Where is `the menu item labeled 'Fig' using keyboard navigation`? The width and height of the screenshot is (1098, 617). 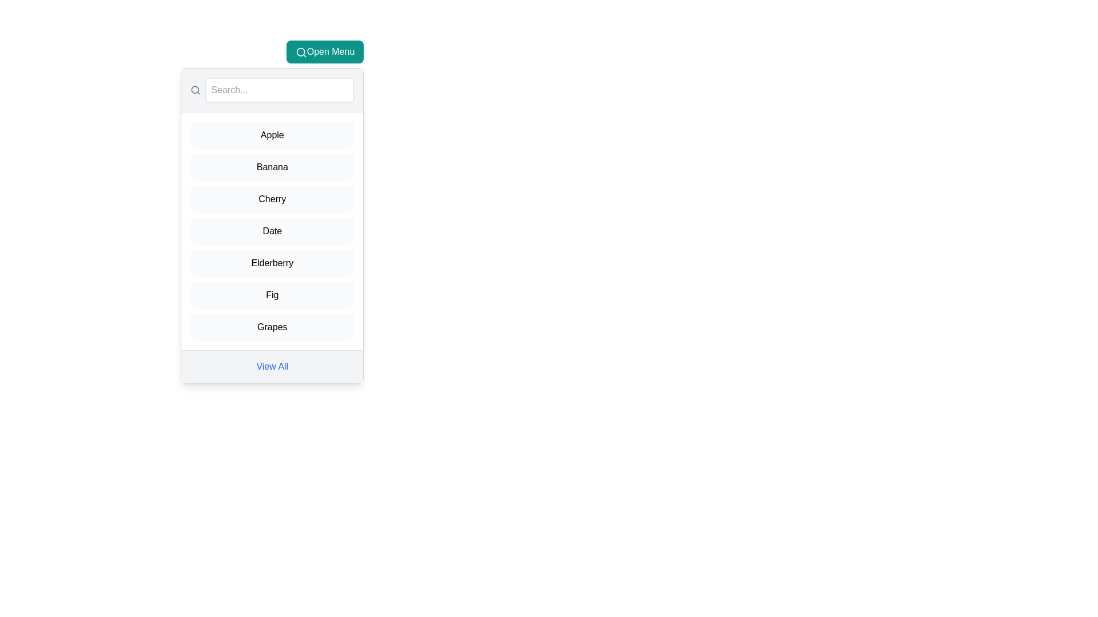
the menu item labeled 'Fig' using keyboard navigation is located at coordinates (272, 294).